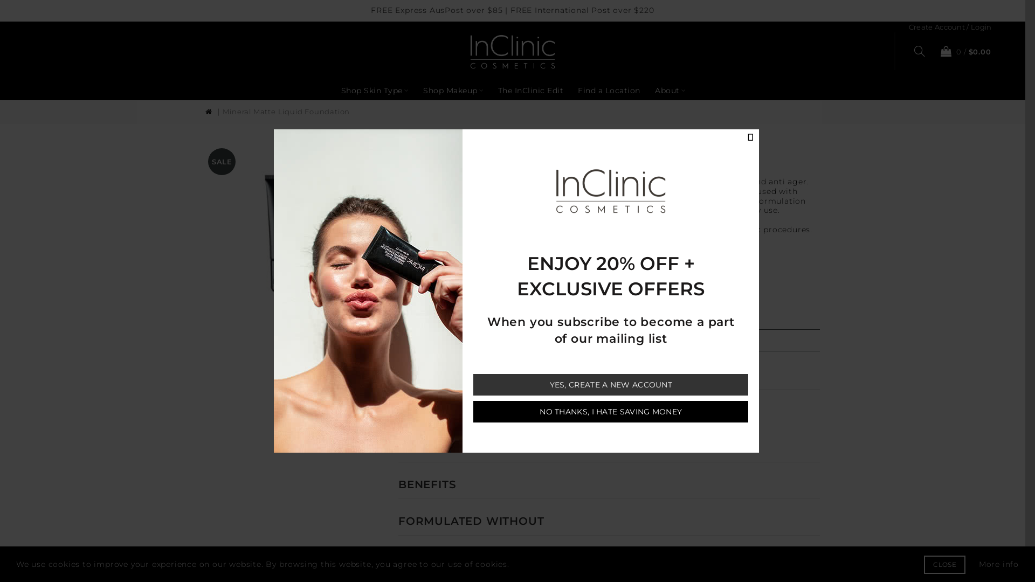 This screenshot has height=582, width=1035. What do you see at coordinates (609, 90) in the screenshot?
I see `'Find a Location'` at bounding box center [609, 90].